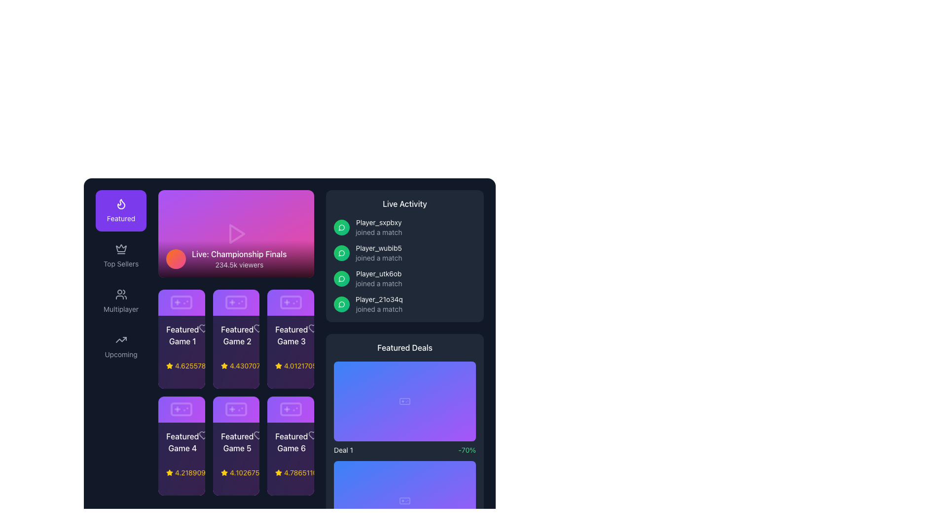 This screenshot has width=947, height=532. I want to click on the Rating Information Display showing the score '4.430707725342142' with a yellow star icon in the 'Featured Game 2' section to visually associate the score with the game, so click(271, 366).